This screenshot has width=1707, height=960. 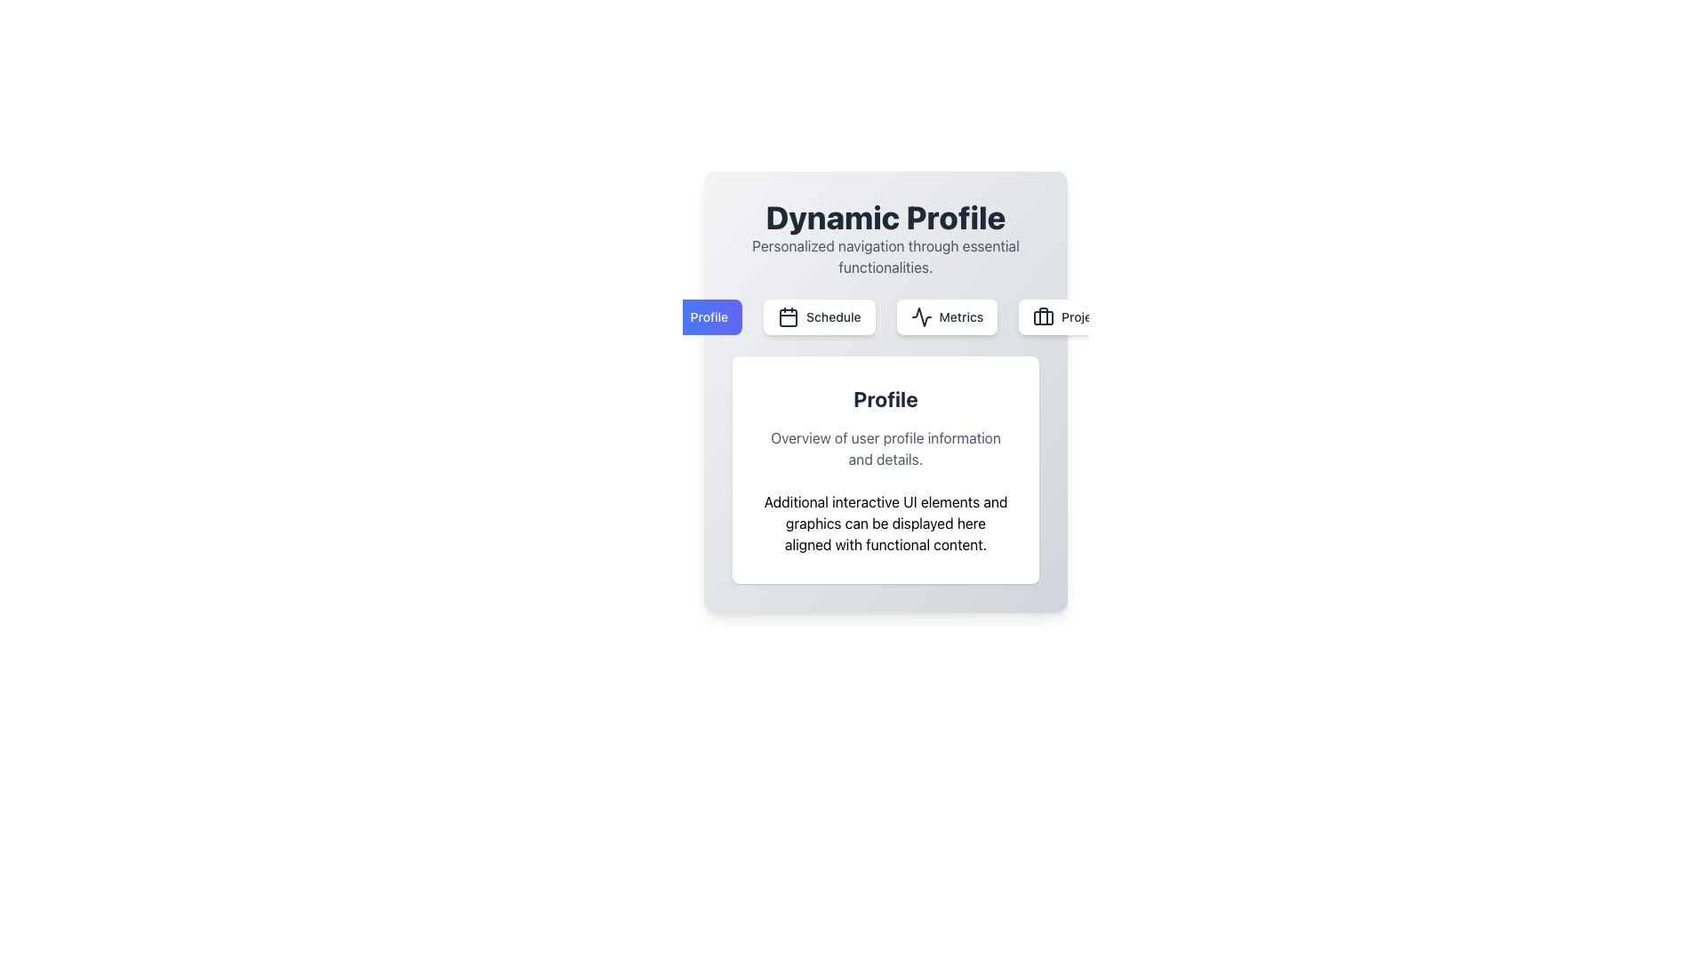 I want to click on the static text label indicating 'Profile' located within the blue gradient button to the left of the horizontal button group under 'Dynamic Profile', so click(x=708, y=316).